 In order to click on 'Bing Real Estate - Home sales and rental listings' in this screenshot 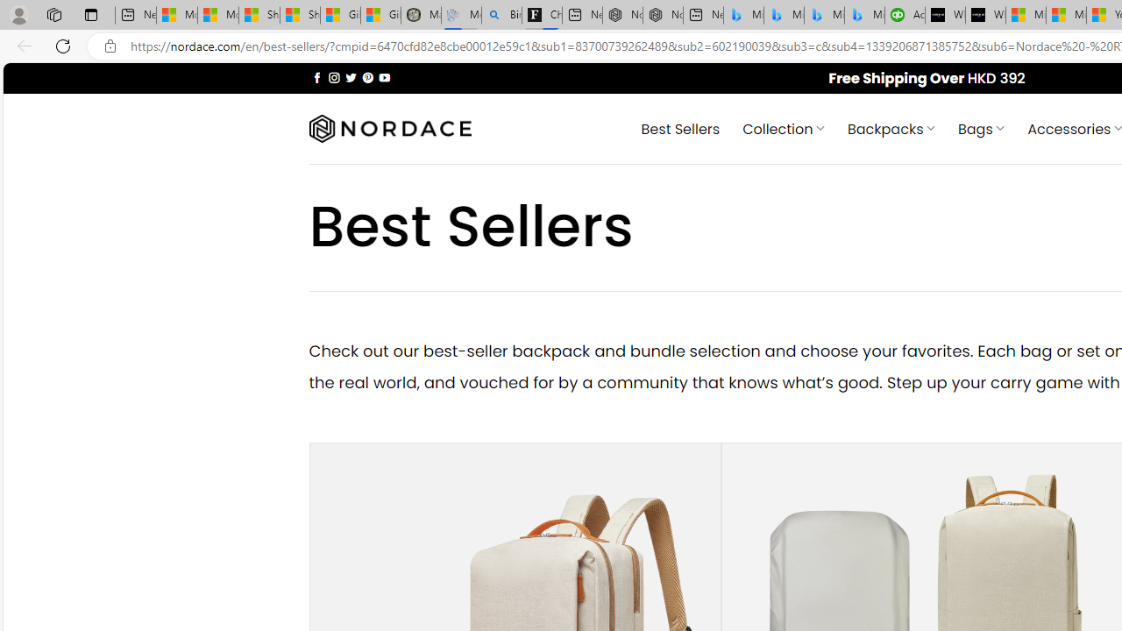, I will do `click(501, 15)`.